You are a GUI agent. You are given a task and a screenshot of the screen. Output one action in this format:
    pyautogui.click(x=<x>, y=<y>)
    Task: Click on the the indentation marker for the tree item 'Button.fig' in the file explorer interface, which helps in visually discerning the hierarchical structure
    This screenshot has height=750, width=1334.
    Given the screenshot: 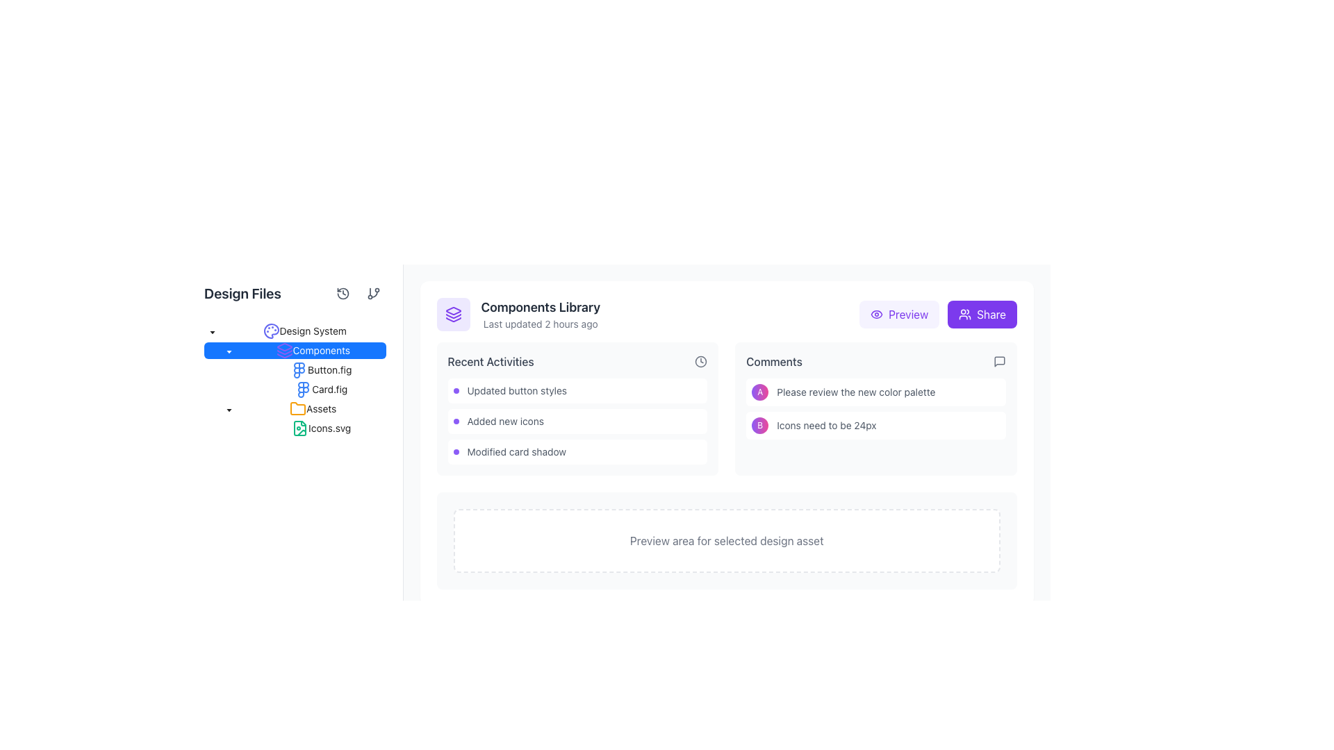 What is the action you would take?
    pyautogui.click(x=220, y=369)
    